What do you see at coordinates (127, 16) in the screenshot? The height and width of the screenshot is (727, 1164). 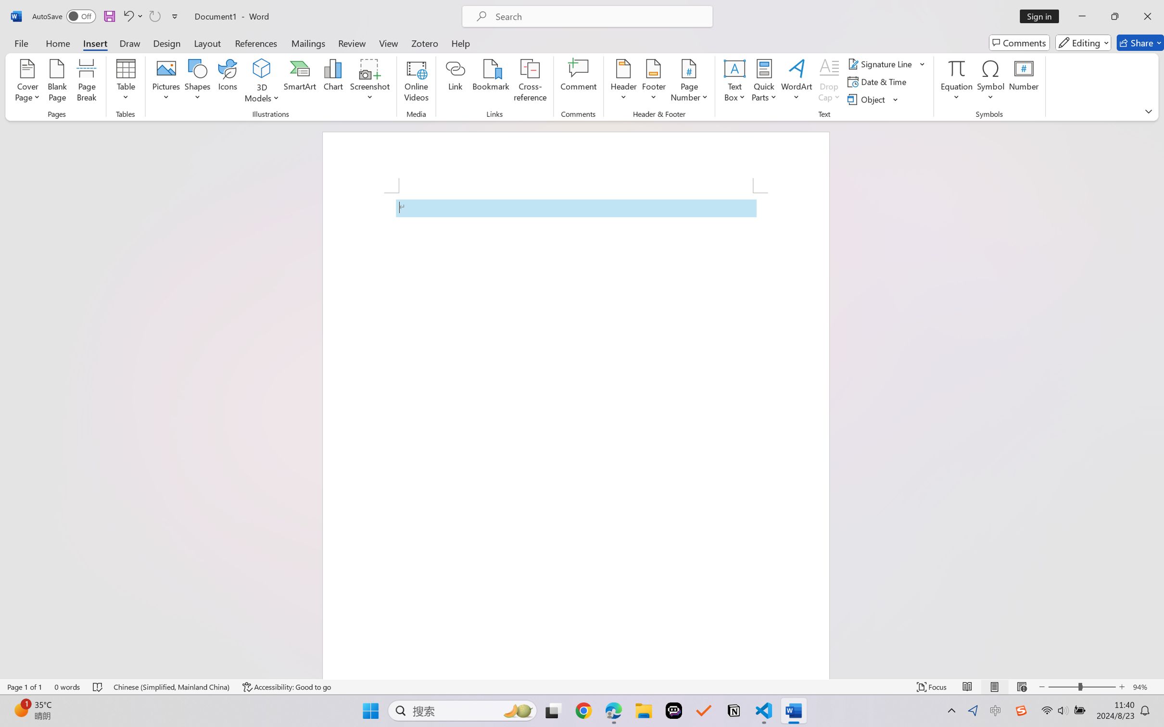 I see `'Undo Apply Quick Style'` at bounding box center [127, 16].